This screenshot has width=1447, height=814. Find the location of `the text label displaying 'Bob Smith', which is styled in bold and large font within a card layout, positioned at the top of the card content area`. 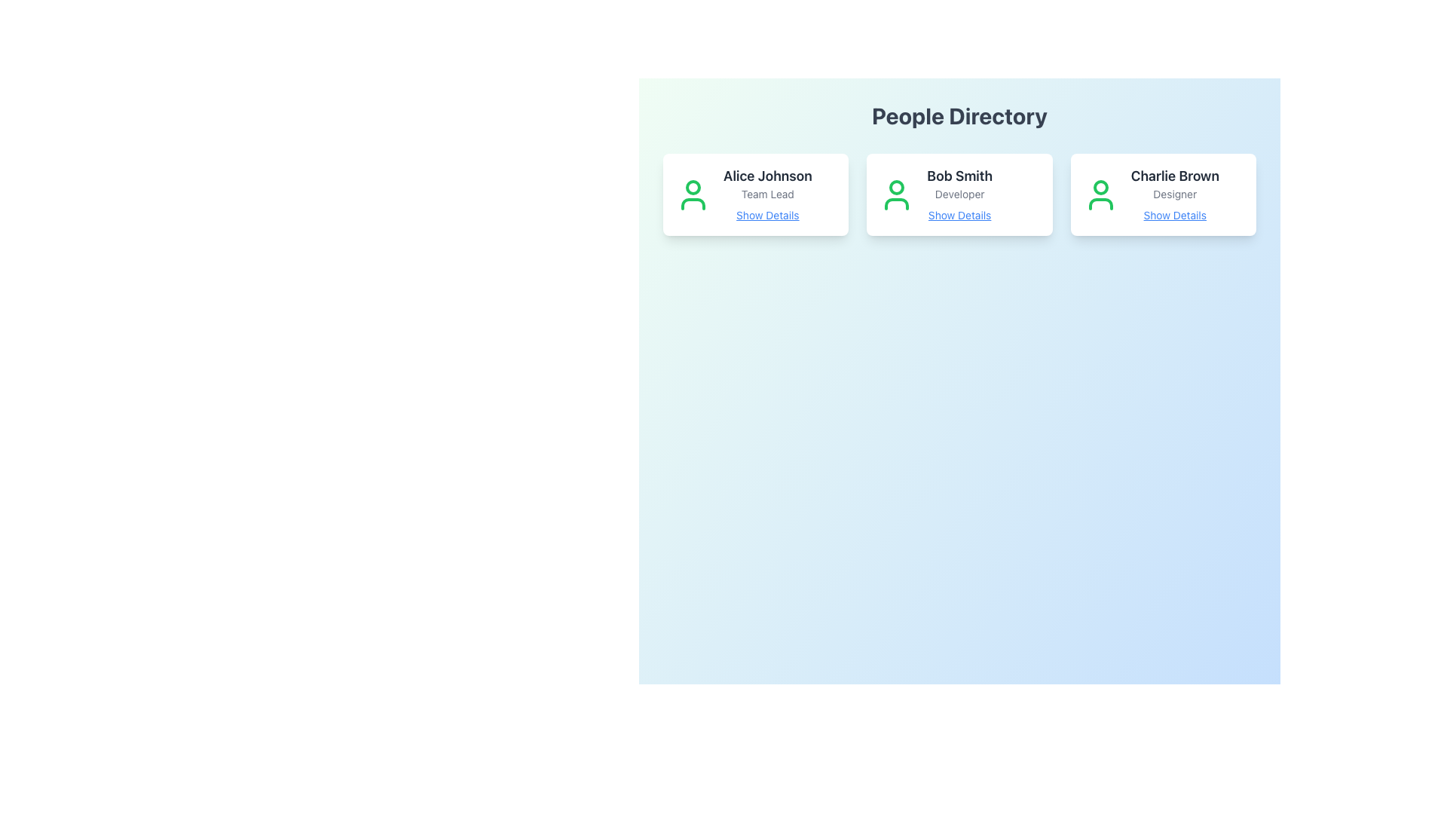

the text label displaying 'Bob Smith', which is styled in bold and large font within a card layout, positioned at the top of the card content area is located at coordinates (959, 176).